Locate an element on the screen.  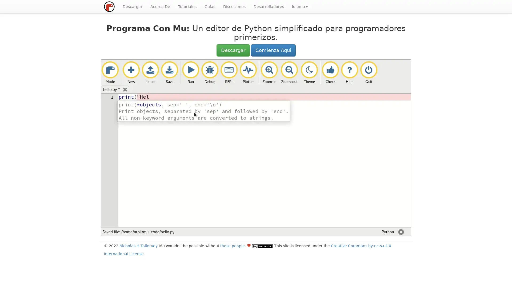
Comienza Aqui is located at coordinates (273, 50).